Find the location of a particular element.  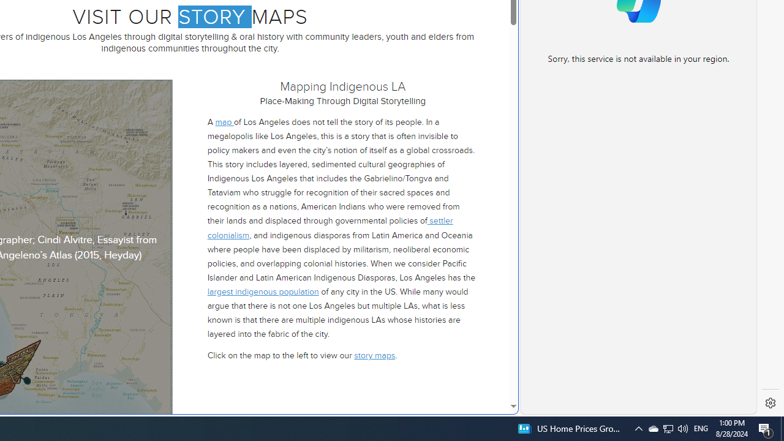

'Settings' is located at coordinates (770, 403).